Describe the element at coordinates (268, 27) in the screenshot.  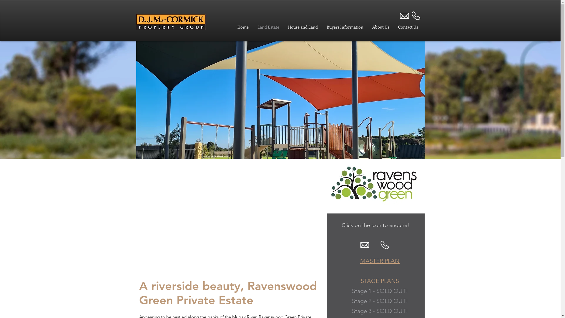
I see `'Land Estate'` at that location.